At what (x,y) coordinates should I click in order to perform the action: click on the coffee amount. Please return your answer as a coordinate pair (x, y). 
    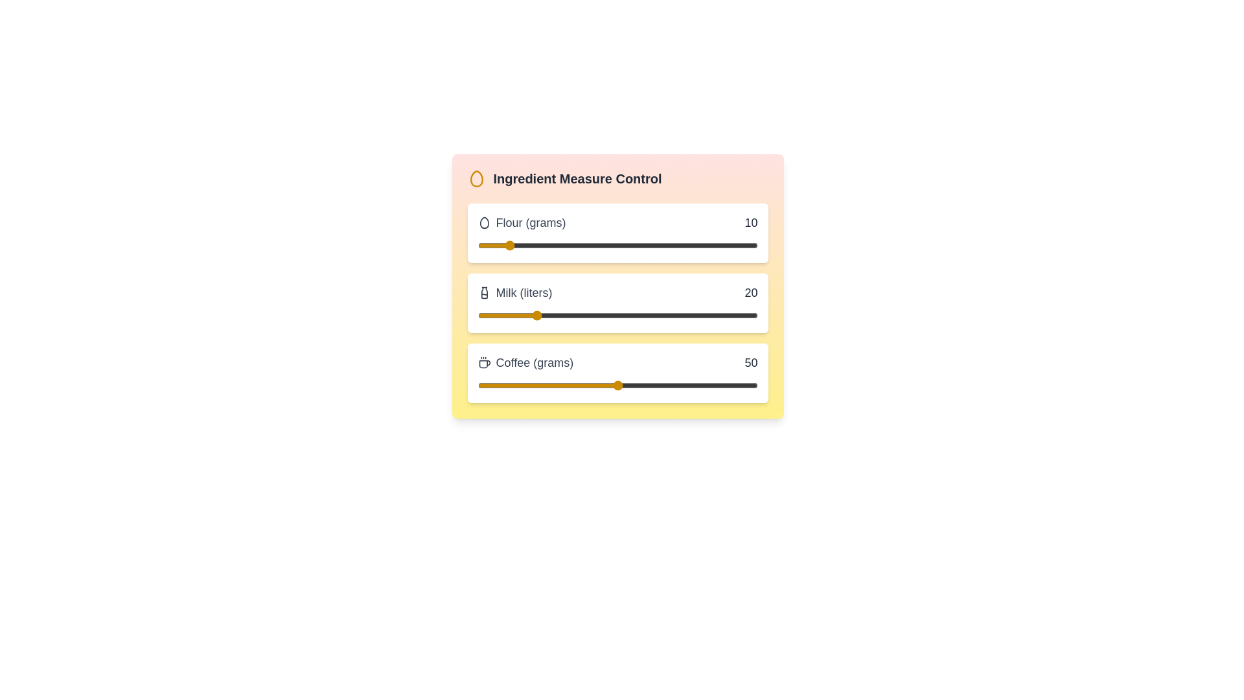
    Looking at the image, I should click on (513, 384).